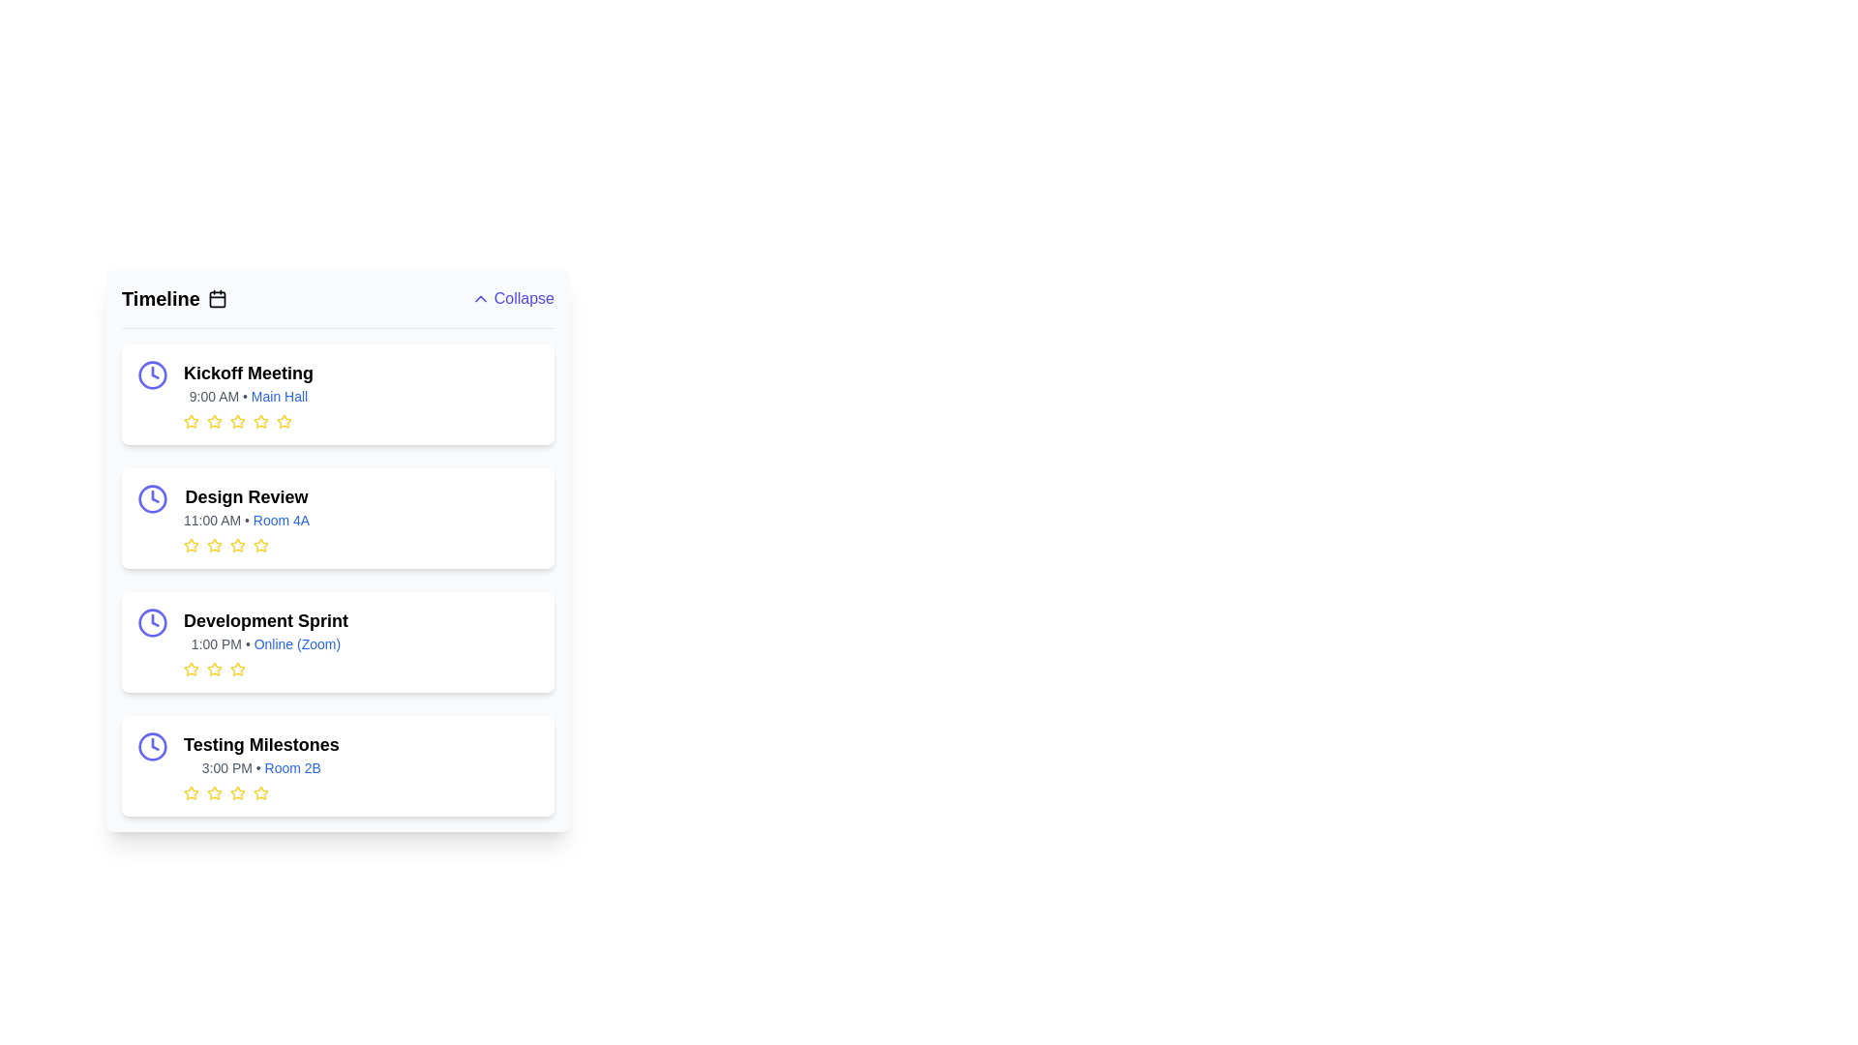 The height and width of the screenshot is (1045, 1858). What do you see at coordinates (214, 420) in the screenshot?
I see `the second star icon in the rating system for the 'Kickoff Meeting' event` at bounding box center [214, 420].